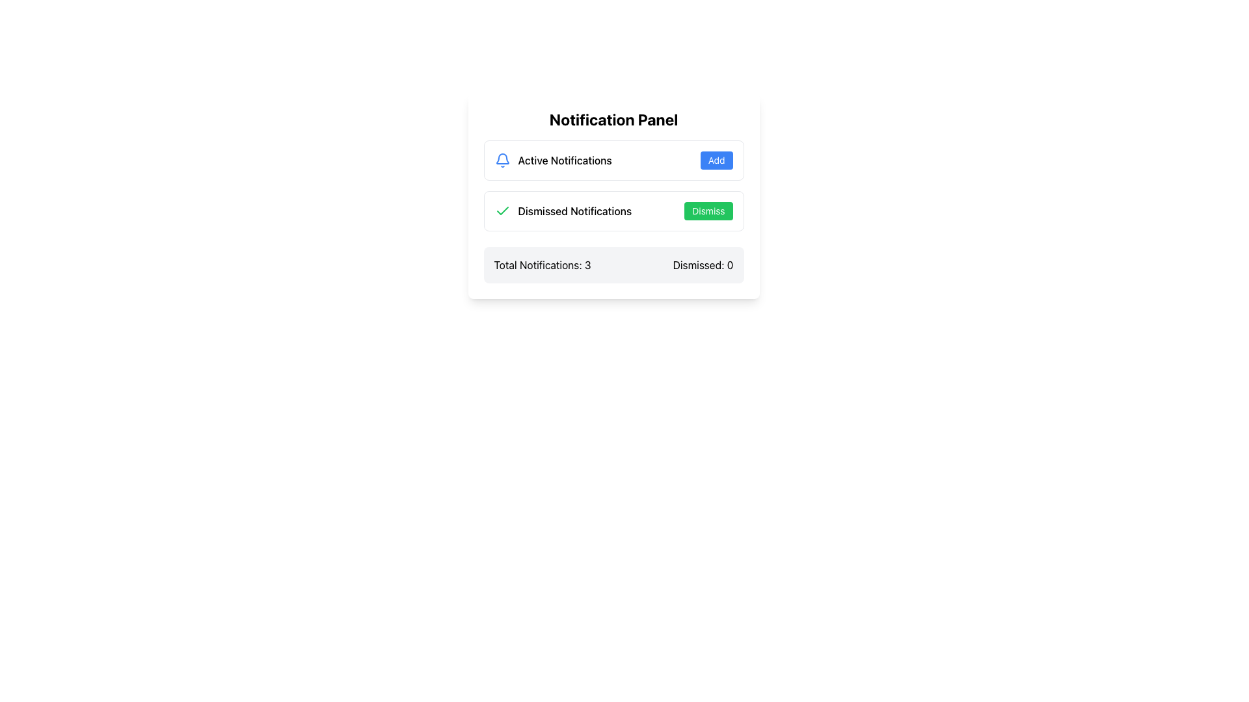 This screenshot has height=702, width=1249. Describe the element at coordinates (716, 159) in the screenshot. I see `the 'Add' button with a blue background and white text located at the top-right corner adjacent to the 'Active Notifications' section` at that location.